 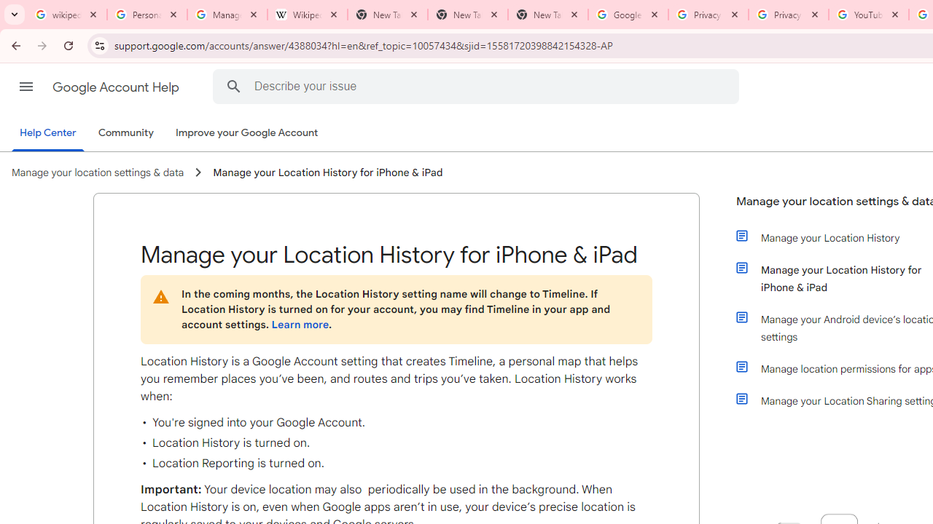 I want to click on 'Personalization & Google Search results - Google Search Help', so click(x=147, y=15).